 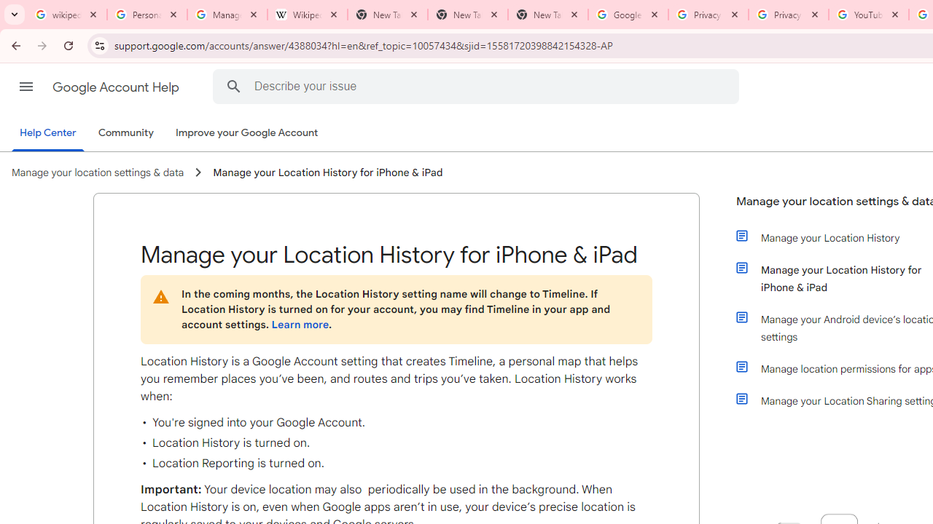 I want to click on 'Personalization & Google Search results - Google Search Help', so click(x=147, y=15).